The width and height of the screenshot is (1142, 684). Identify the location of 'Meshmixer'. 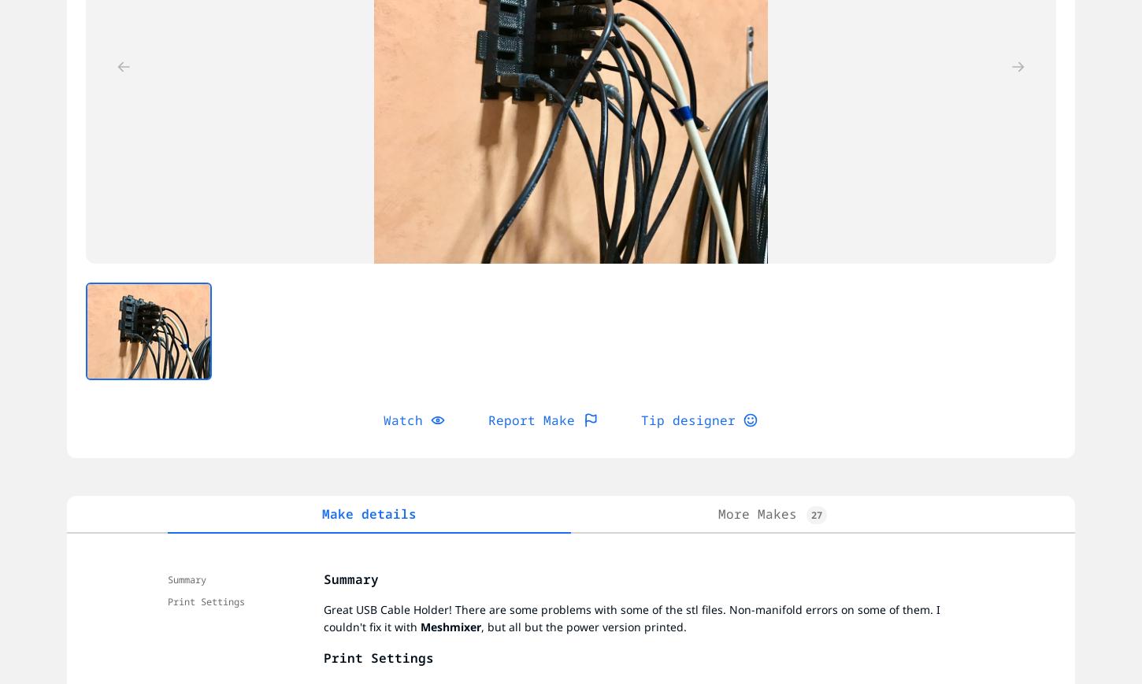
(450, 627).